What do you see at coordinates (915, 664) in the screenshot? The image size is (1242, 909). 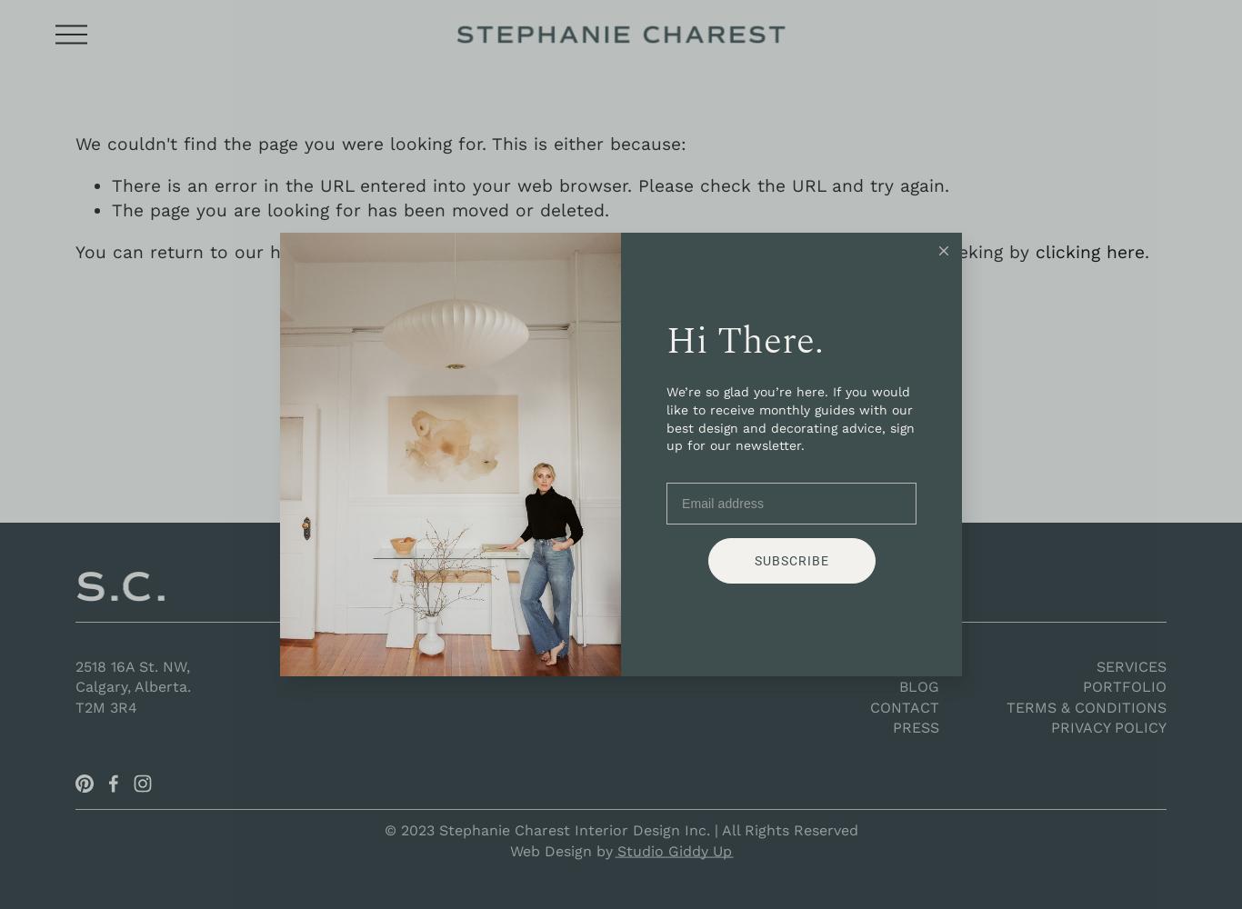 I see `'ABOUT'` at bounding box center [915, 664].